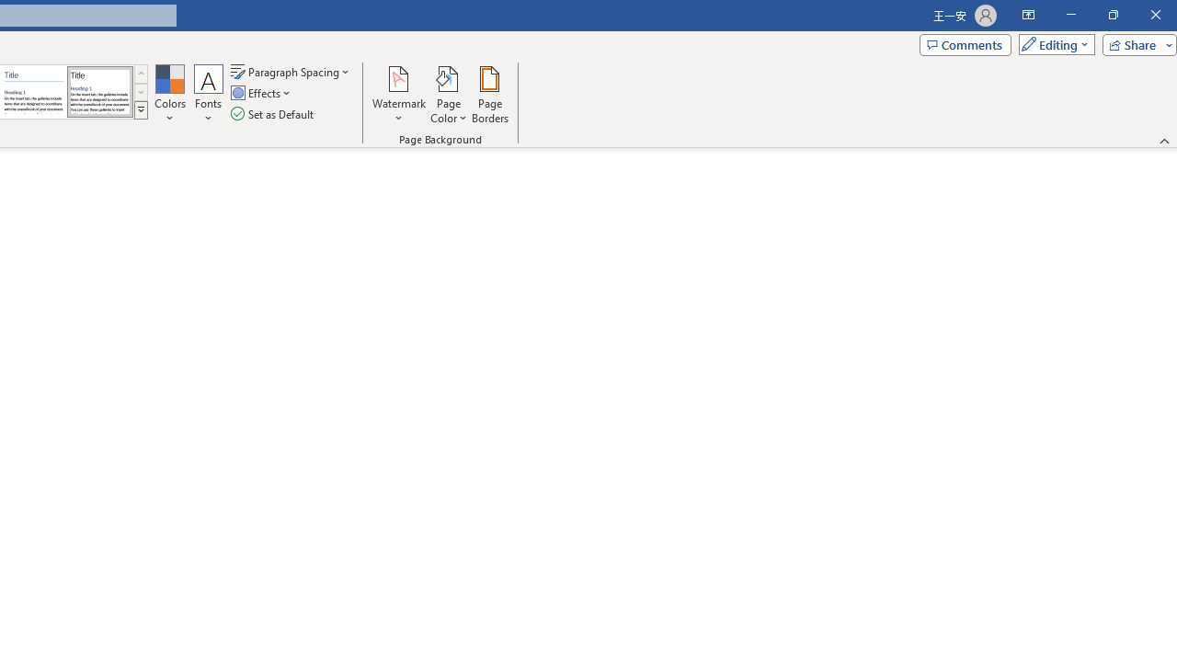  Describe the element at coordinates (140, 110) in the screenshot. I see `'Style Set'` at that location.